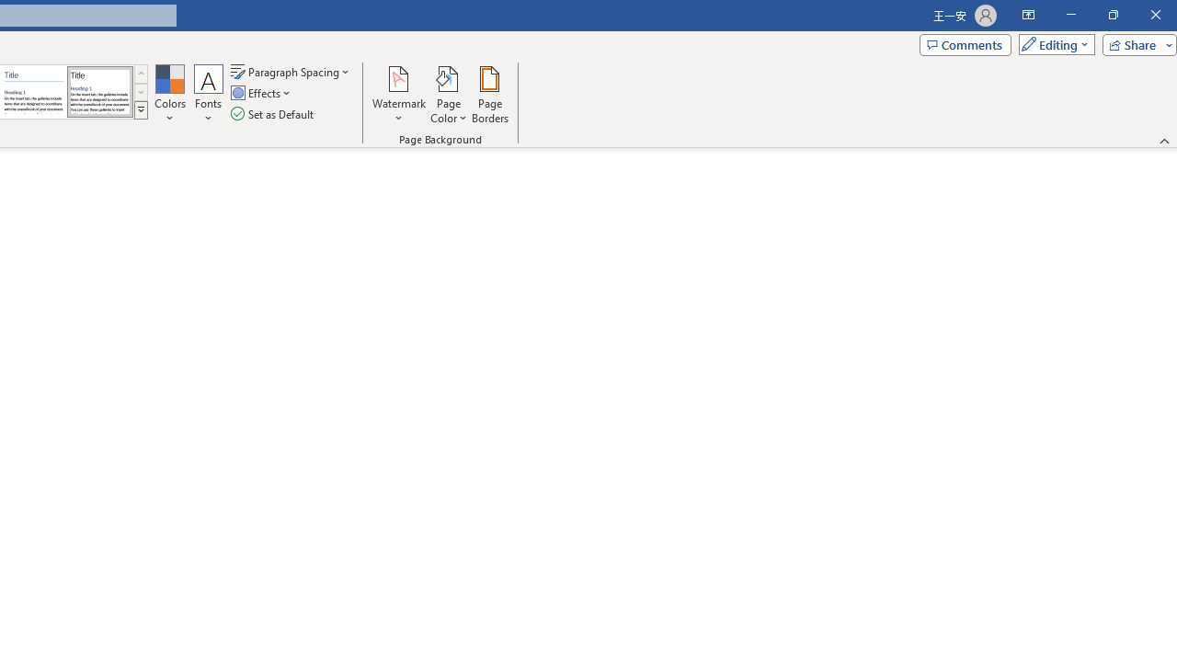  Describe the element at coordinates (140, 110) in the screenshot. I see `'Style Set'` at that location.